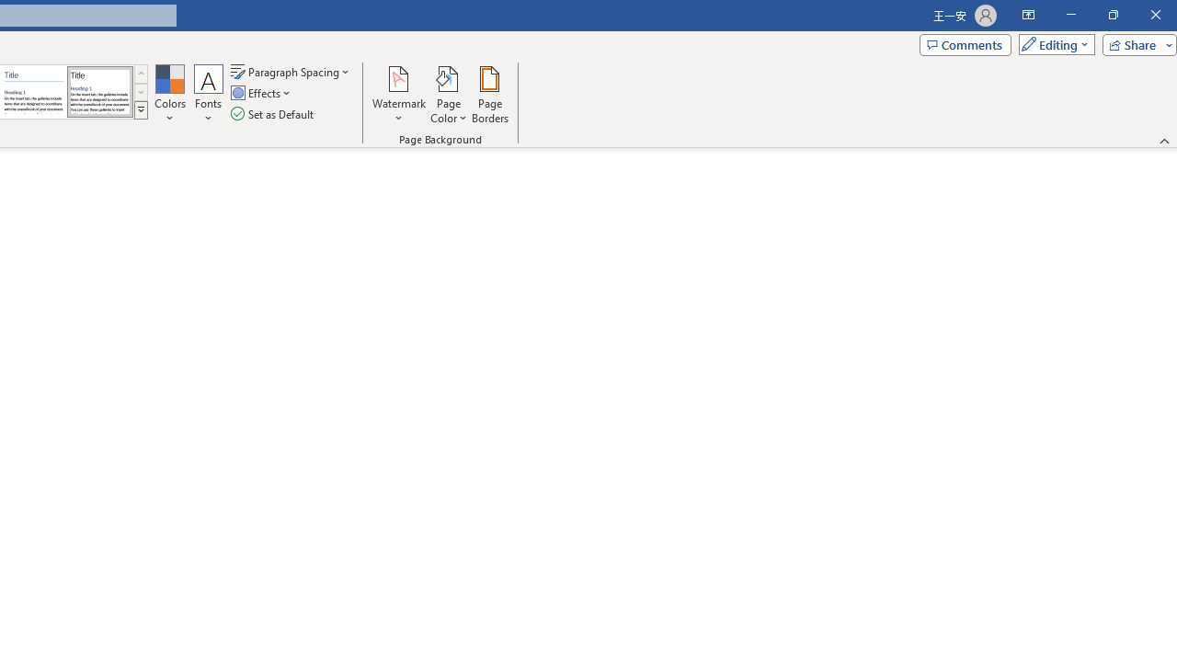  Describe the element at coordinates (140, 110) in the screenshot. I see `'Style Set'` at that location.